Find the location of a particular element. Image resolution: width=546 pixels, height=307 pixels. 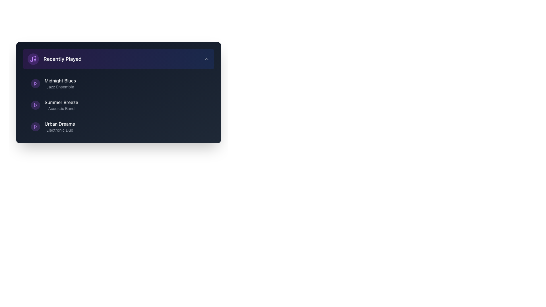

the triangular play button icon with a purple stroke located between the 'Midnight Blues' and 'Urban Dreams' play buttons is located at coordinates (35, 83).